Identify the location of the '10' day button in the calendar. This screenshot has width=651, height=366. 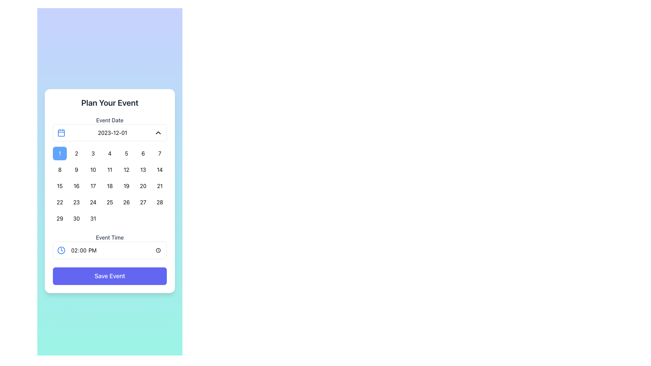
(93, 169).